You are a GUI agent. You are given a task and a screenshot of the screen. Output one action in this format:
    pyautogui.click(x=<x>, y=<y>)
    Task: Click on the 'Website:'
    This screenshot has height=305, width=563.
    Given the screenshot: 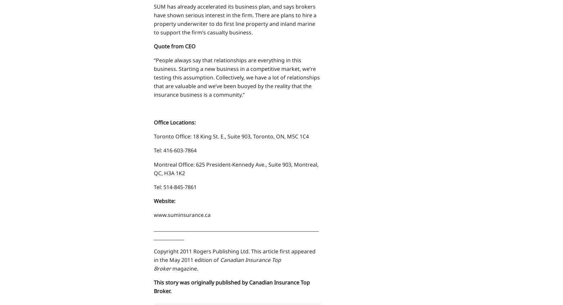 What is the action you would take?
    pyautogui.click(x=164, y=200)
    